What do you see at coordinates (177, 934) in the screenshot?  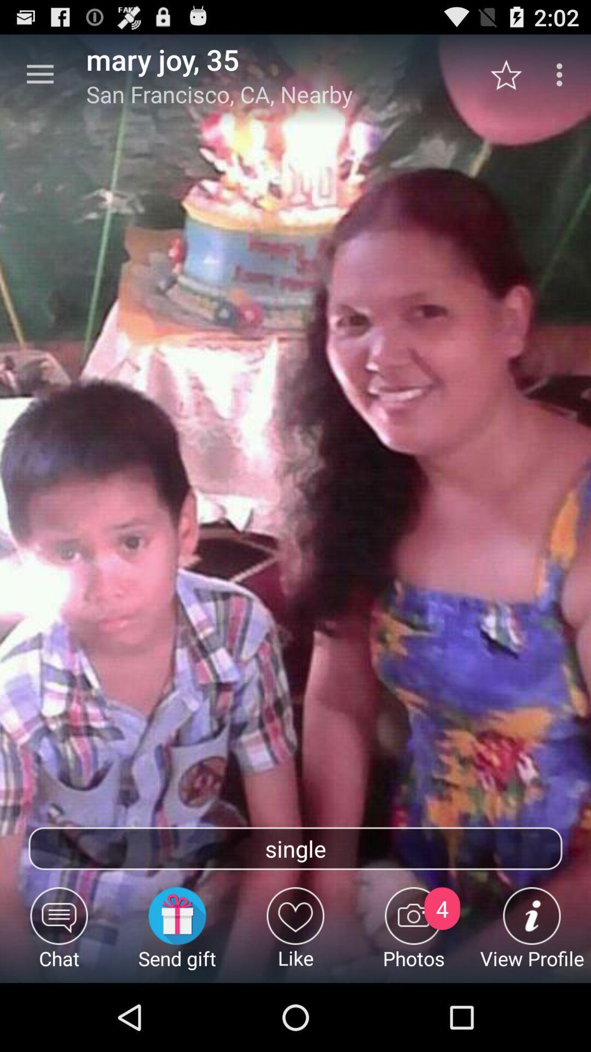 I see `the send gift icon` at bounding box center [177, 934].